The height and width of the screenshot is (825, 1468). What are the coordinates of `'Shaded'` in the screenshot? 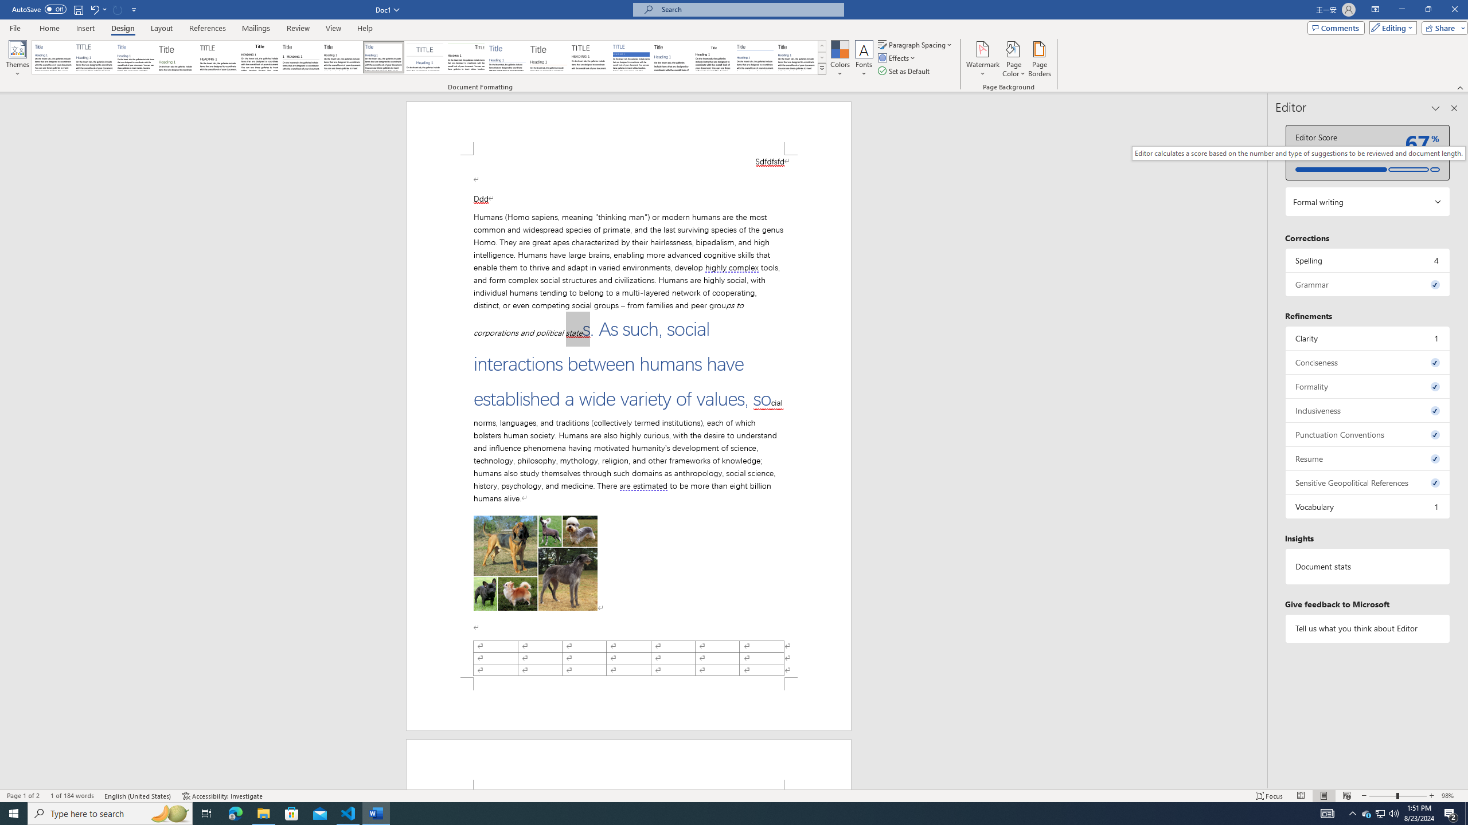 It's located at (631, 57).